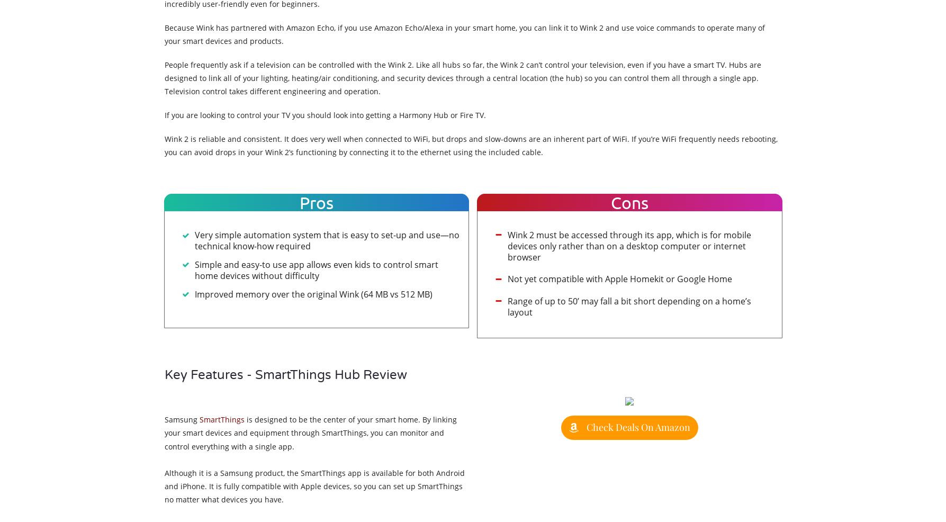  I want to click on 'Range of up to 50’ may fall a bit short depending on a home’s layout', so click(629, 306).